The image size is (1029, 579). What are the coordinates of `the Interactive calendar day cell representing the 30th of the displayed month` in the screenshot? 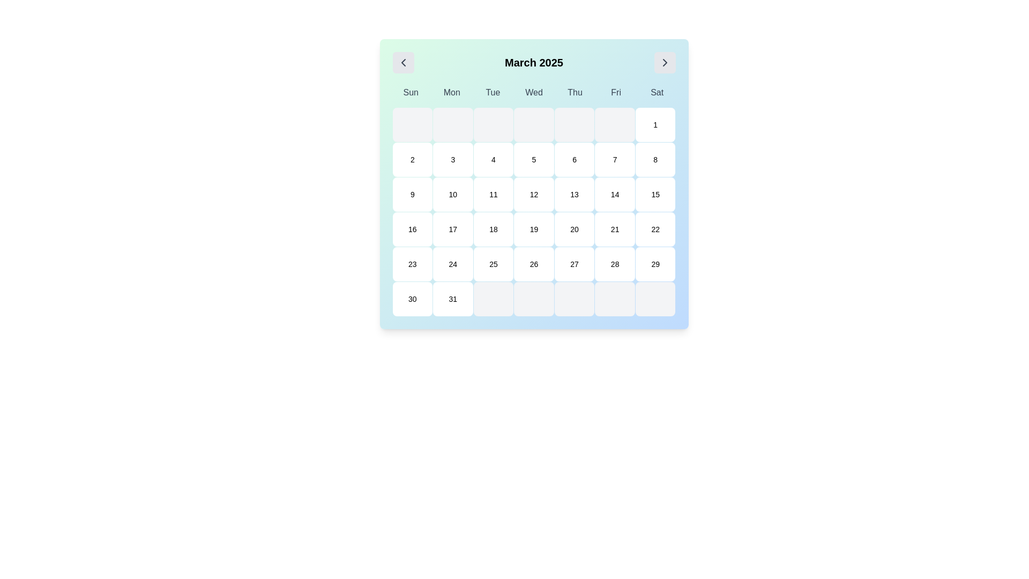 It's located at (412, 299).